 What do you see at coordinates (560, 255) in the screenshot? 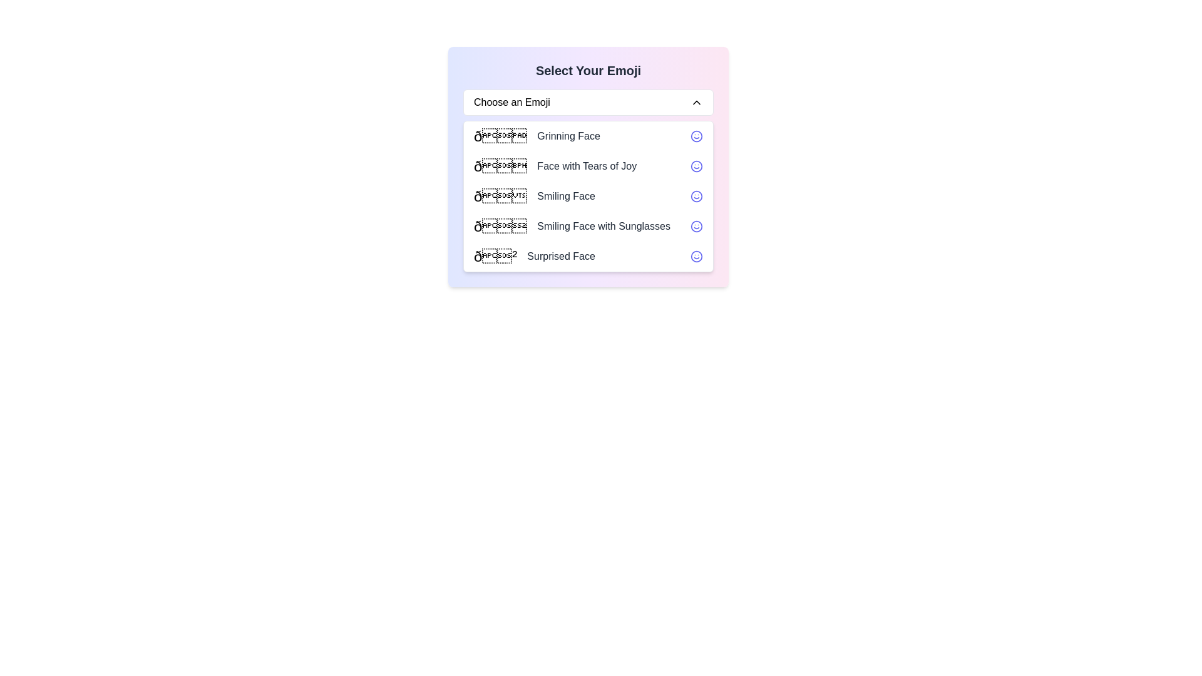
I see `the label that provides a textual description for the emoji, which is located as the fifth item in a vertical list of emoji descriptions, adjacent to a graphical emoji icon` at bounding box center [560, 255].